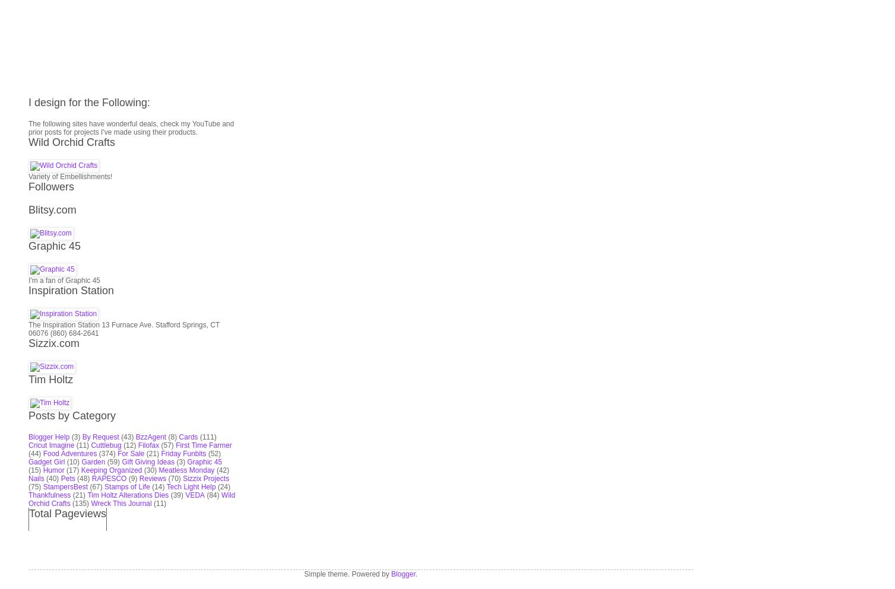 This screenshot has height=589, width=895. I want to click on 'Inspiration Station', so click(71, 148).